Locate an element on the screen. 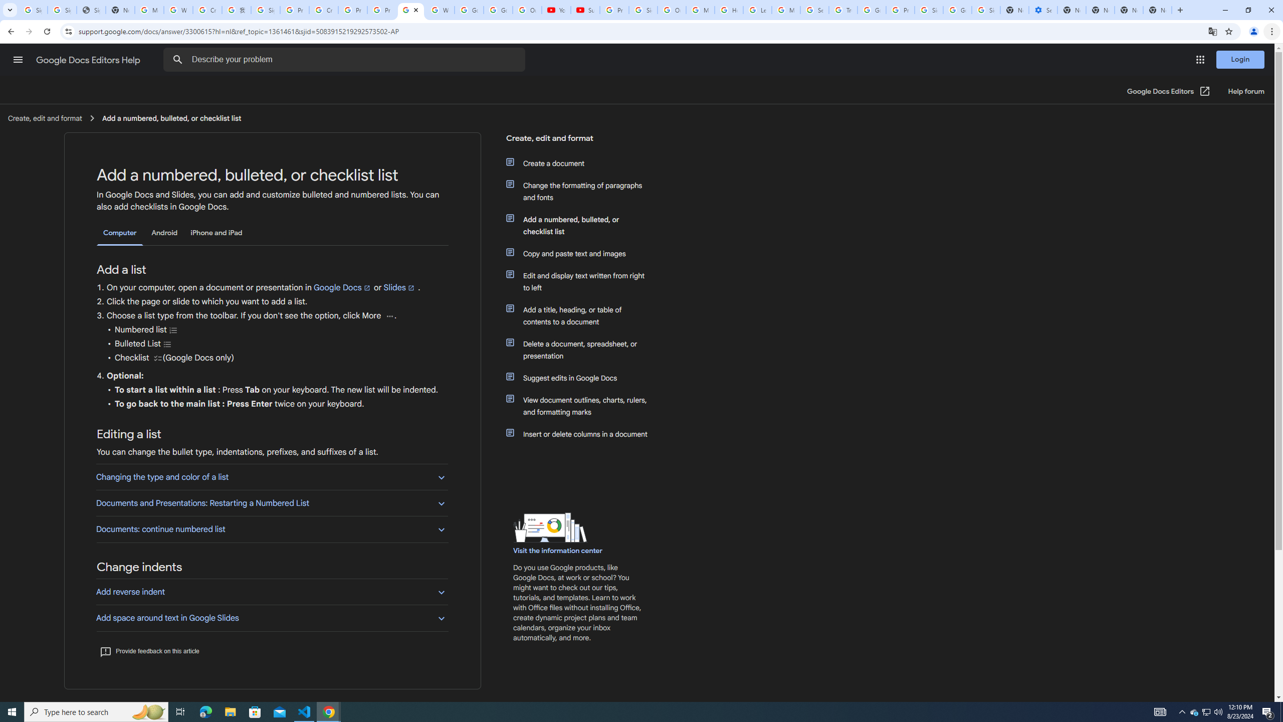 The height and width of the screenshot is (722, 1283). 'You' is located at coordinates (1254, 31).